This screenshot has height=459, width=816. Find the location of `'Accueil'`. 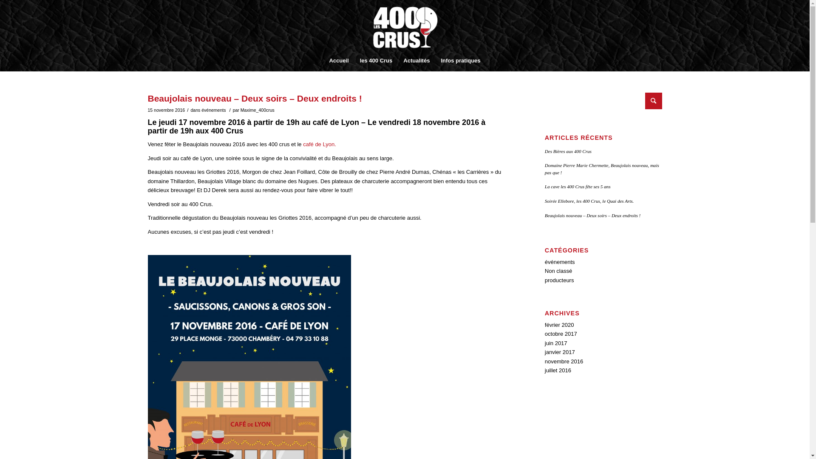

'Accueil' is located at coordinates (338, 60).